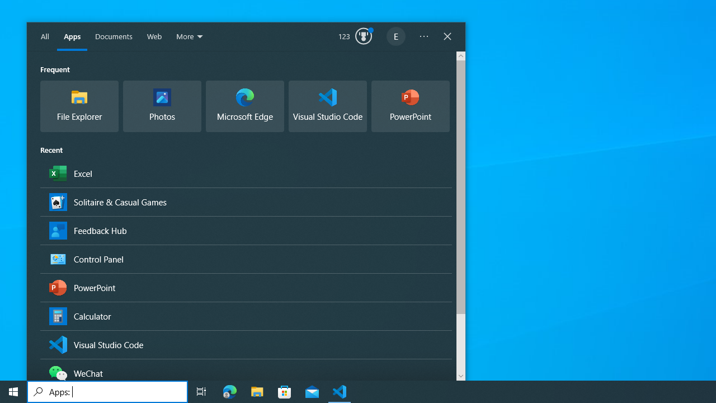 This screenshot has width=716, height=403. What do you see at coordinates (153, 36) in the screenshot?
I see `'Web'` at bounding box center [153, 36].